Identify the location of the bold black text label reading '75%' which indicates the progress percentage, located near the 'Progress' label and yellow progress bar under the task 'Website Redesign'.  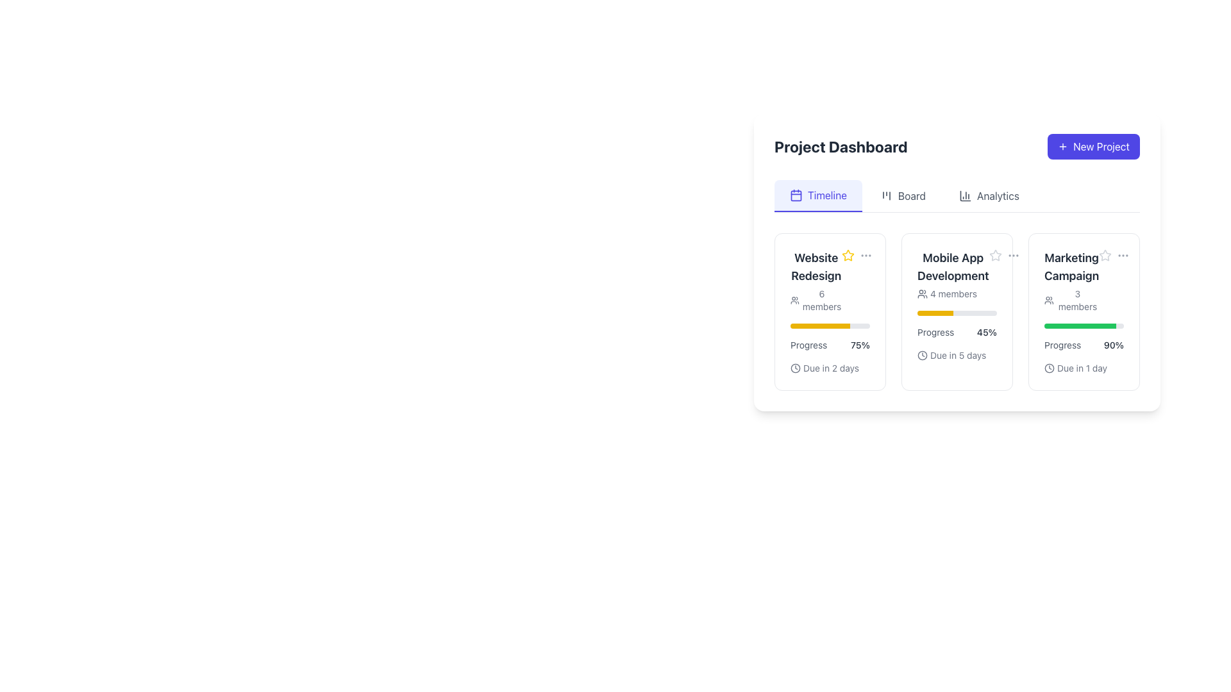
(860, 345).